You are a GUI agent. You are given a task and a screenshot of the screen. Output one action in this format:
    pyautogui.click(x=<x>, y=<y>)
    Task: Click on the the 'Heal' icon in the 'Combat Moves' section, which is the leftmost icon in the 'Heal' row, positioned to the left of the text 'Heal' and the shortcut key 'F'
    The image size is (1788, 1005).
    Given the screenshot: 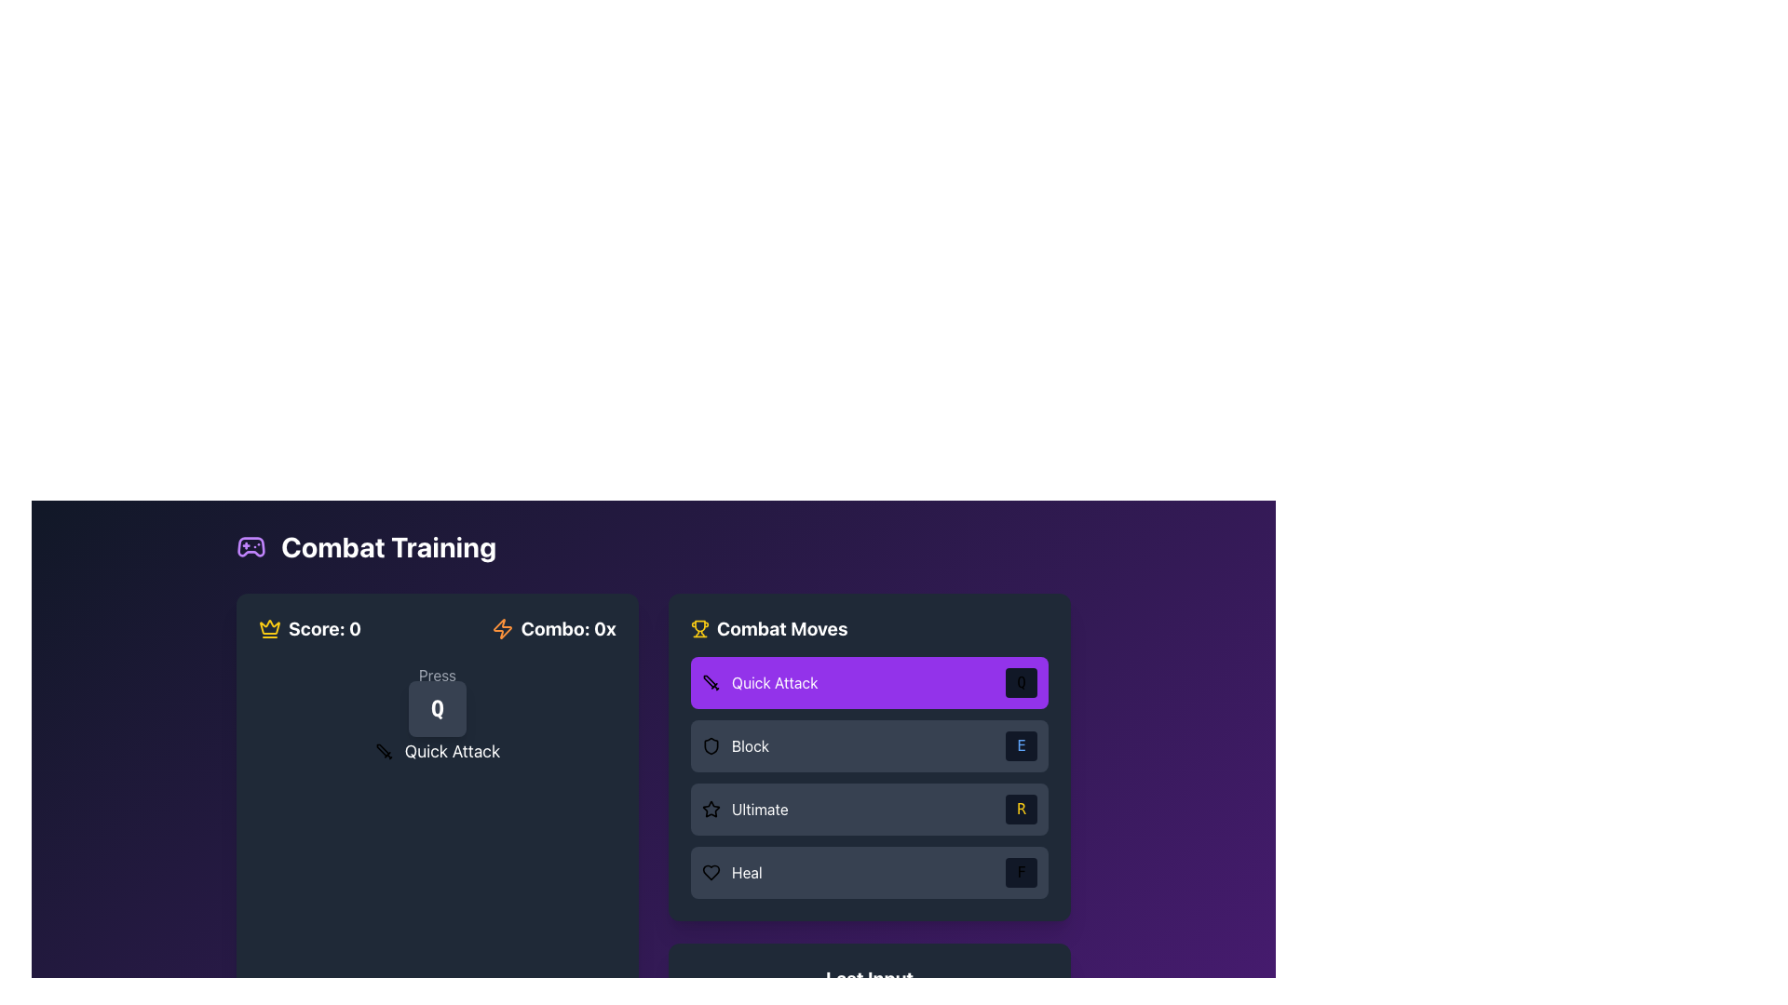 What is the action you would take?
    pyautogui.click(x=710, y=872)
    